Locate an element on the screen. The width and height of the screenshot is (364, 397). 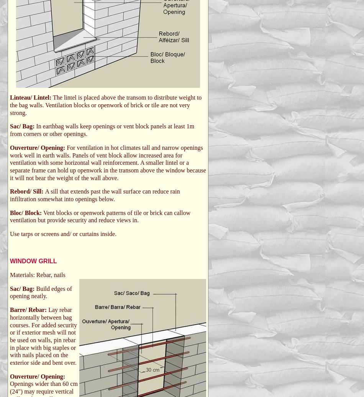
'Rebord/ Sill:' is located at coordinates (27, 191).